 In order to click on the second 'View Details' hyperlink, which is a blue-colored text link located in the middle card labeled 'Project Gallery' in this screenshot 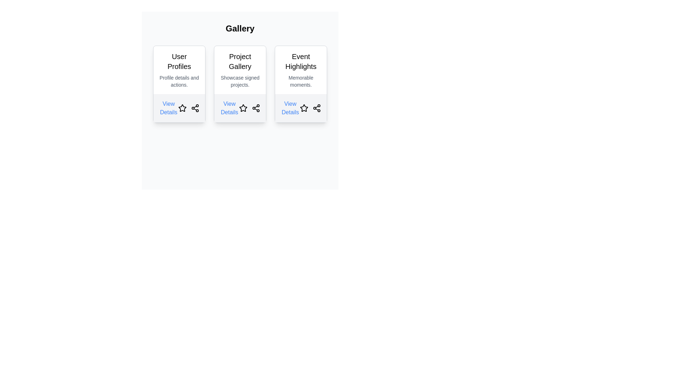, I will do `click(229, 108)`.